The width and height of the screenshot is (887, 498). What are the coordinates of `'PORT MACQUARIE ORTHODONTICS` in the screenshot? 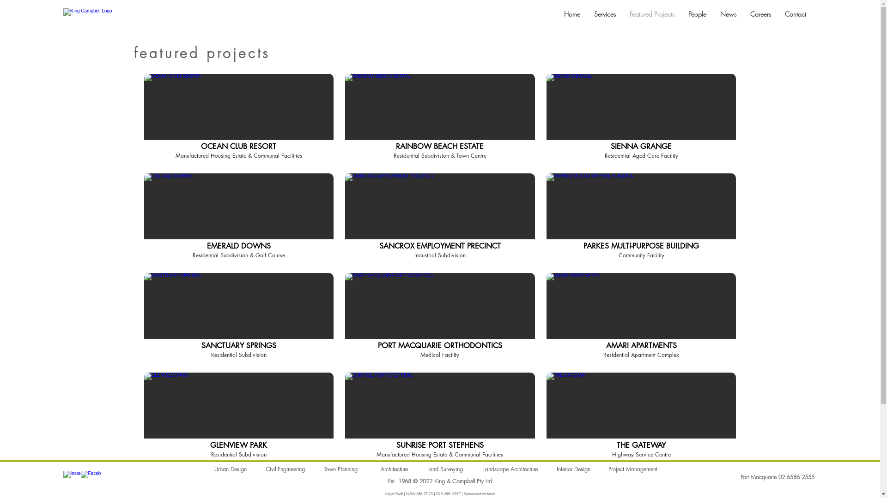 It's located at (439, 316).